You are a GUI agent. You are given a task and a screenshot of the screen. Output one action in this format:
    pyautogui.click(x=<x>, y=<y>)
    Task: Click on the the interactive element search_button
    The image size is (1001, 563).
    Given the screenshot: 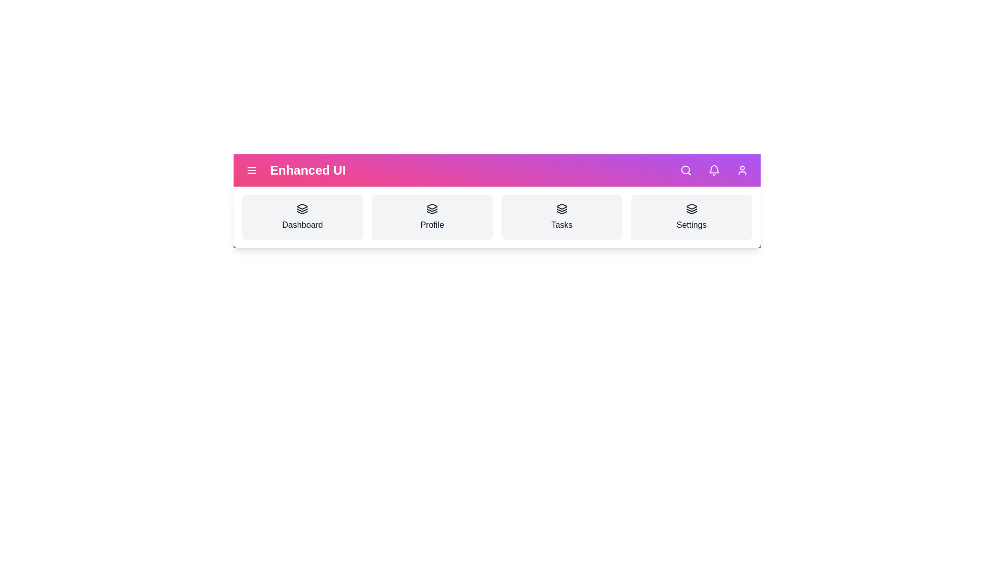 What is the action you would take?
    pyautogui.click(x=686, y=170)
    